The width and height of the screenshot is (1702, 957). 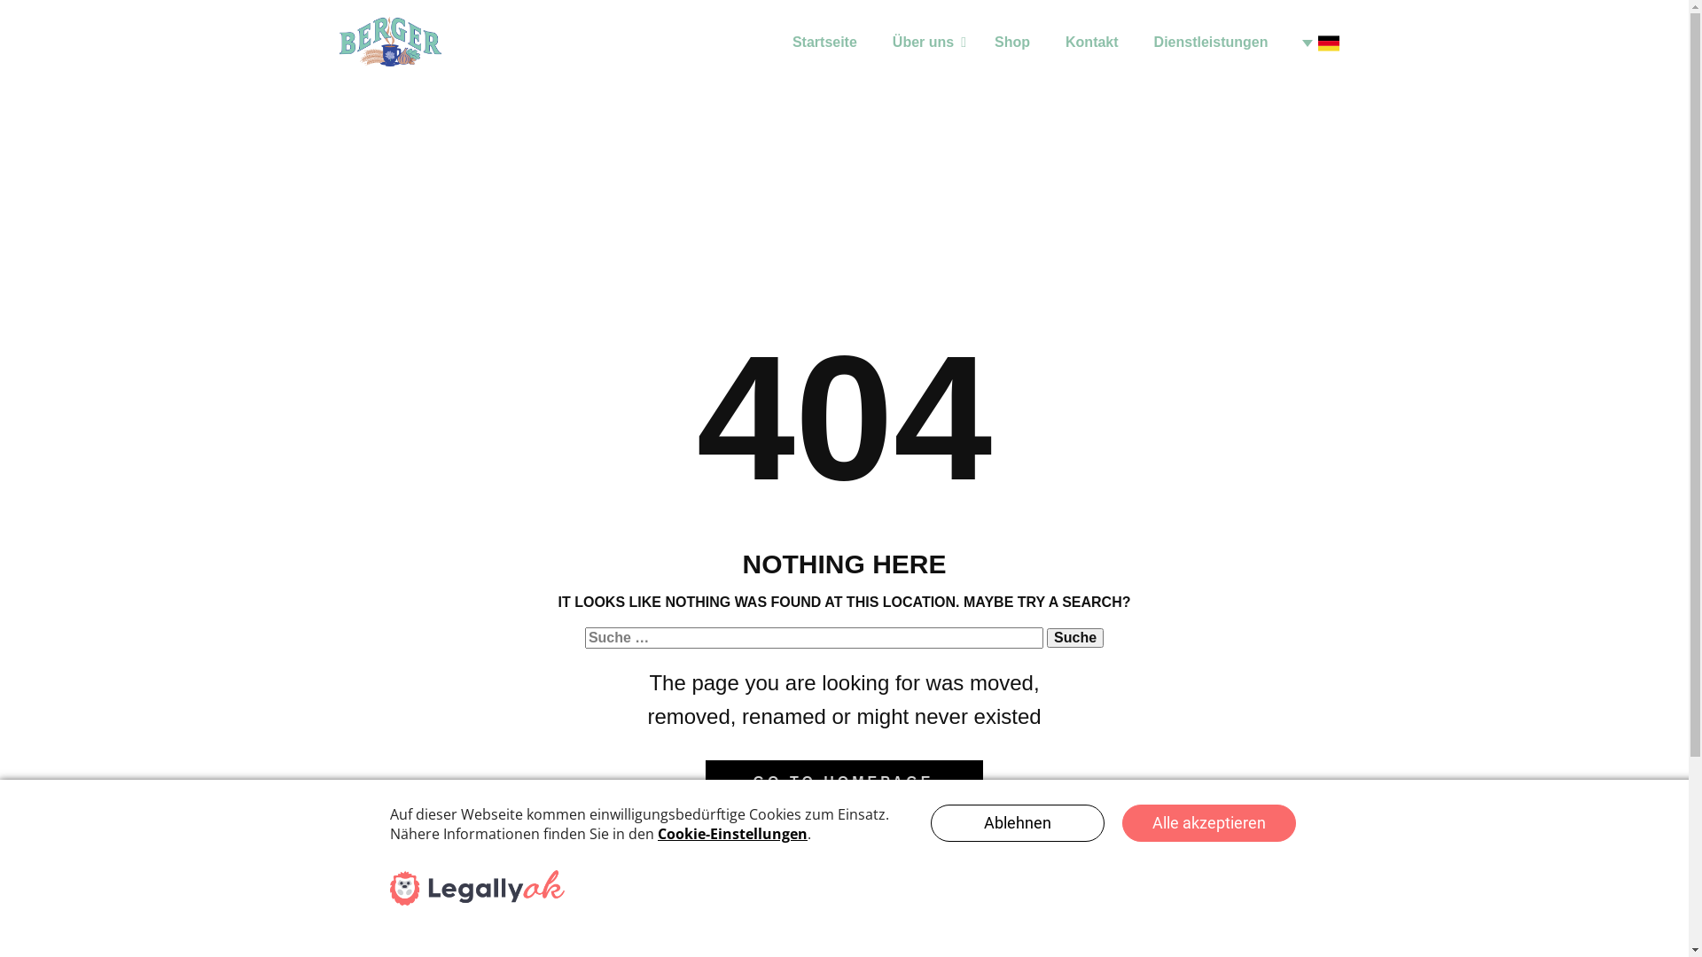 I want to click on 'Suche', so click(x=1074, y=638).